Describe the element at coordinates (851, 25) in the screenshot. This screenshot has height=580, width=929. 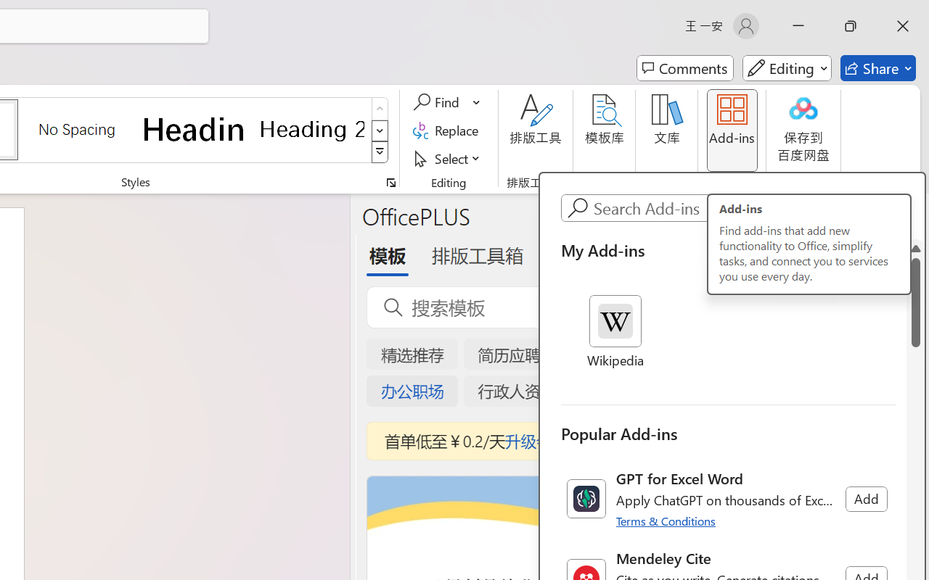
I see `'Restore Down'` at that location.